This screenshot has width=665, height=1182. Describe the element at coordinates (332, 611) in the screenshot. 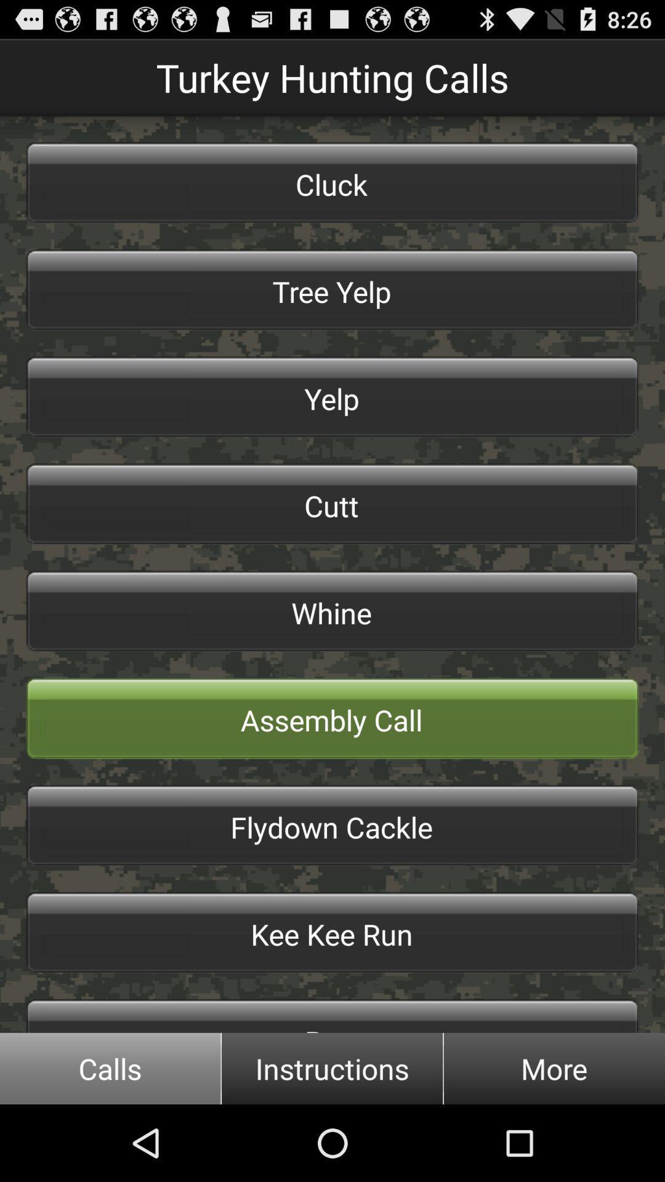

I see `item above the assembly call item` at that location.